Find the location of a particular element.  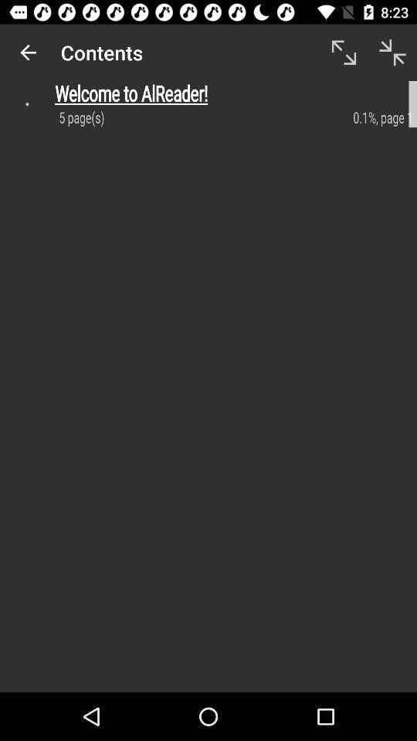

item next to contents app is located at coordinates (344, 52).